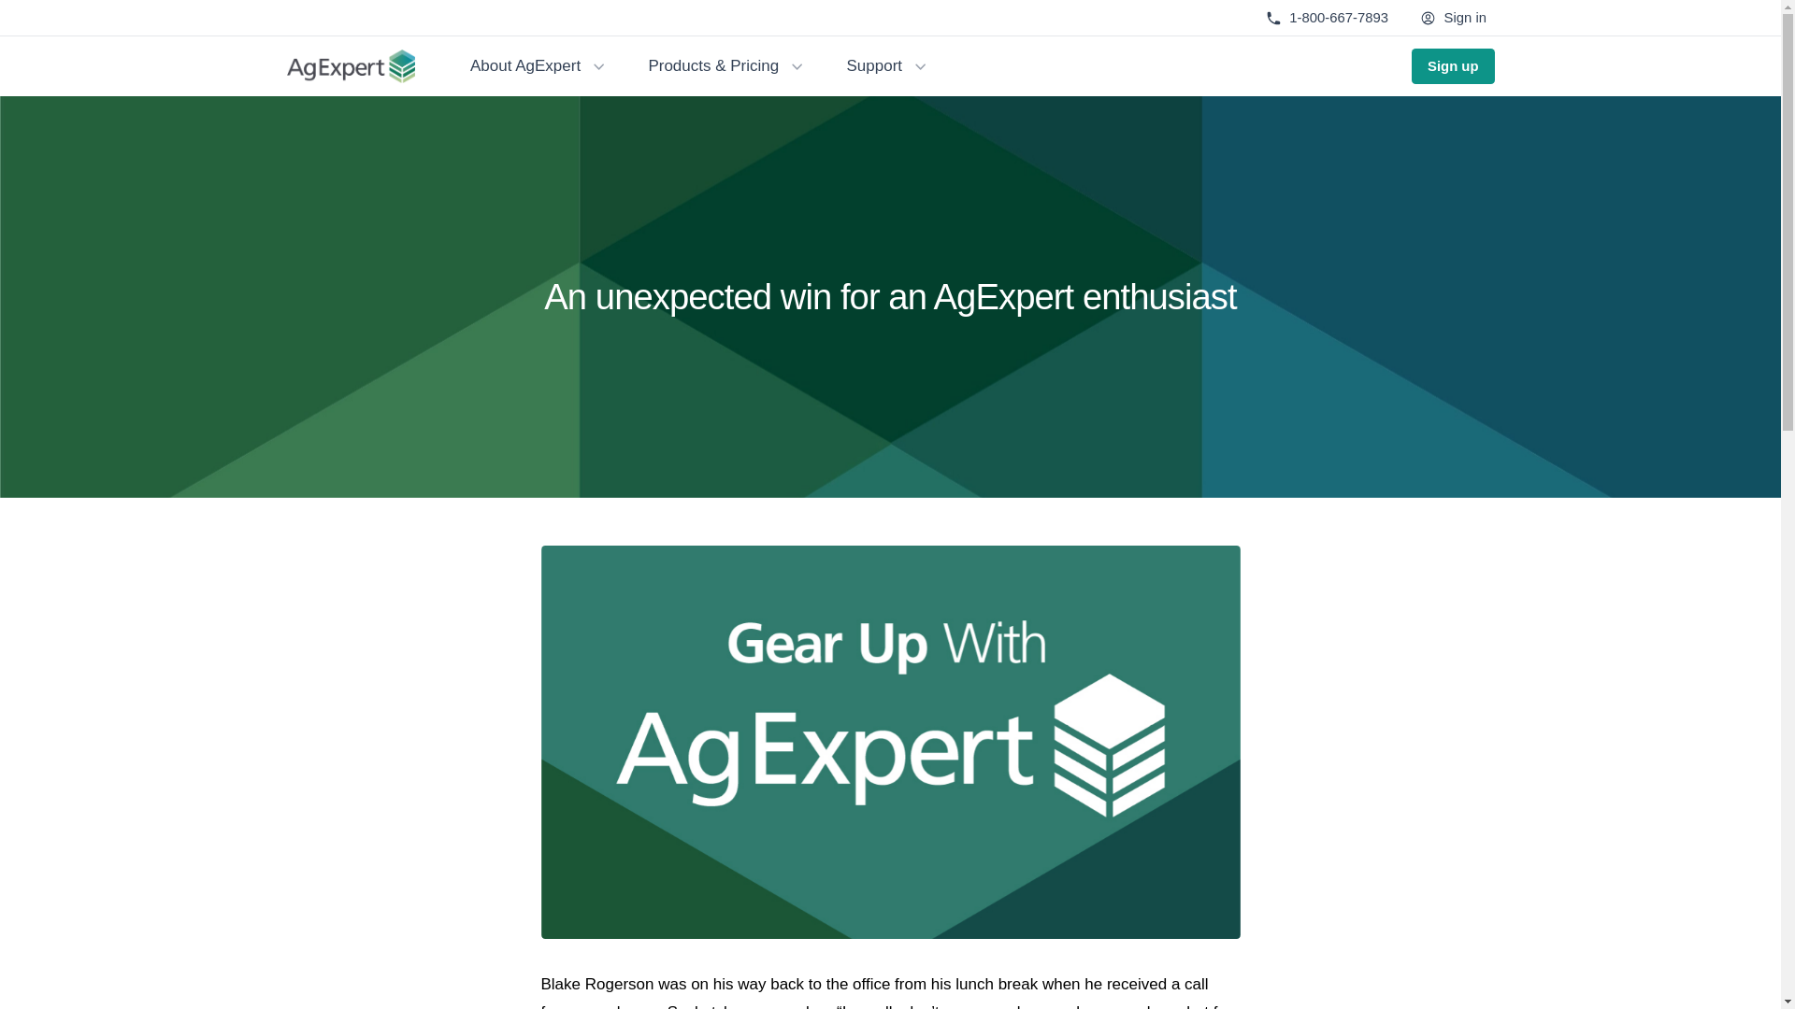 Image resolution: width=1795 pixels, height=1009 pixels. I want to click on 'Products & Pricing', so click(726, 64).